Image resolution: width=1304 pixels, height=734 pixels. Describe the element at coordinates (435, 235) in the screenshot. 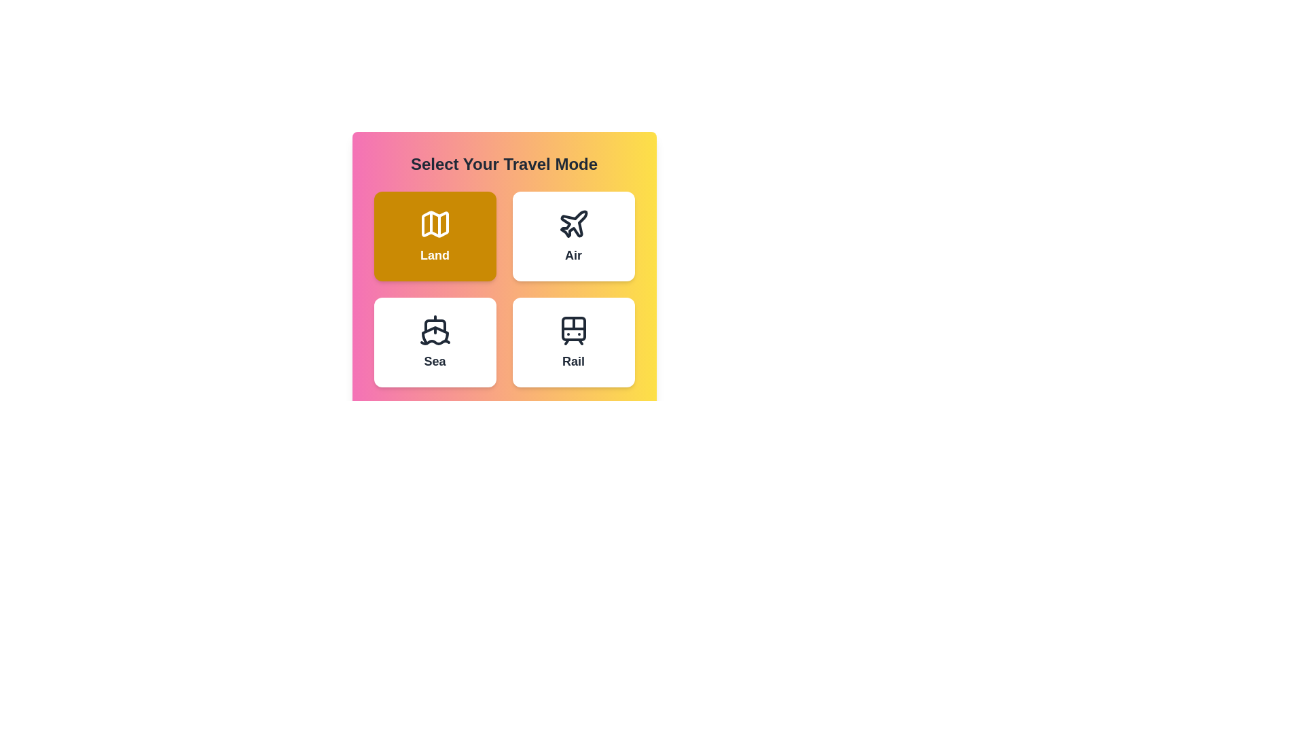

I see `the button corresponding to the travel mode Land` at that location.